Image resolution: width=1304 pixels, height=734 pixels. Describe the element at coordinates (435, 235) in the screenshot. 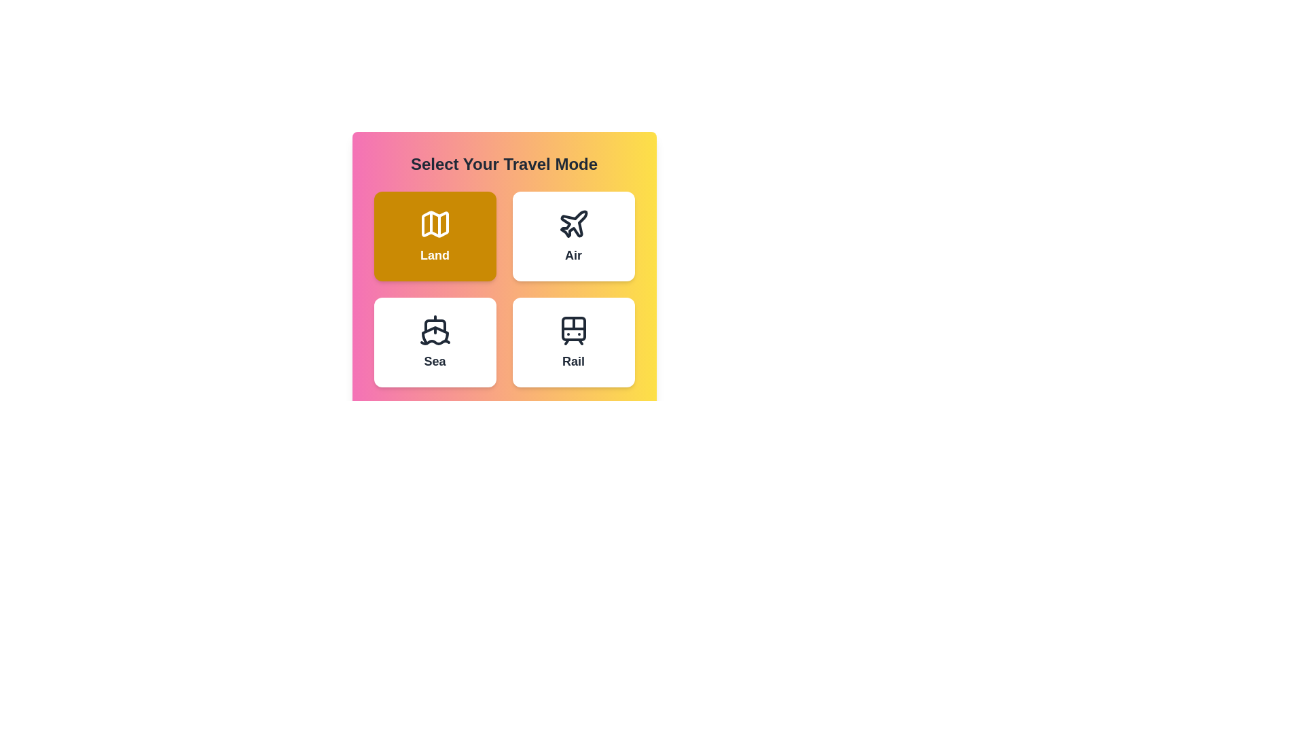

I see `the button corresponding to the travel mode Land` at that location.